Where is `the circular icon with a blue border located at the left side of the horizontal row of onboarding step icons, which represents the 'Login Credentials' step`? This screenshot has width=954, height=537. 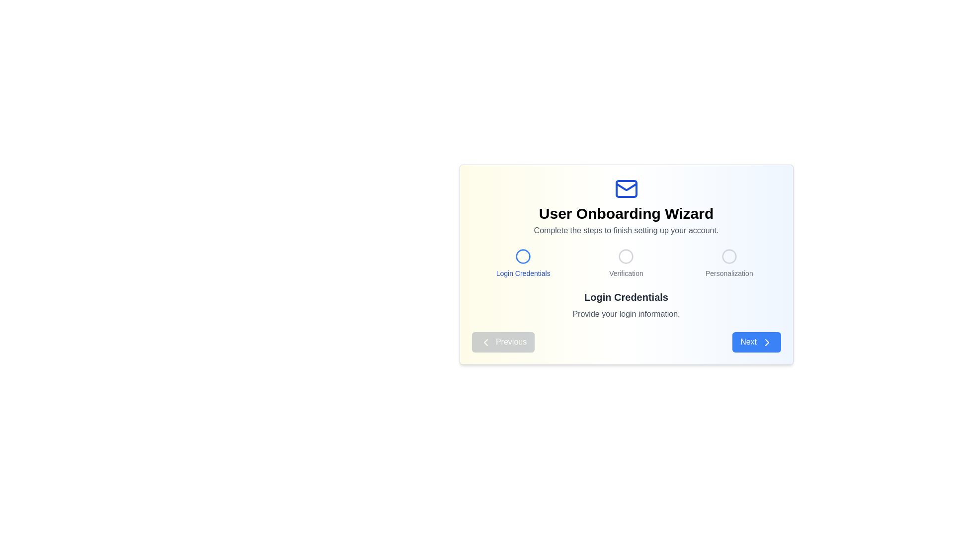 the circular icon with a blue border located at the left side of the horizontal row of onboarding step icons, which represents the 'Login Credentials' step is located at coordinates (523, 256).